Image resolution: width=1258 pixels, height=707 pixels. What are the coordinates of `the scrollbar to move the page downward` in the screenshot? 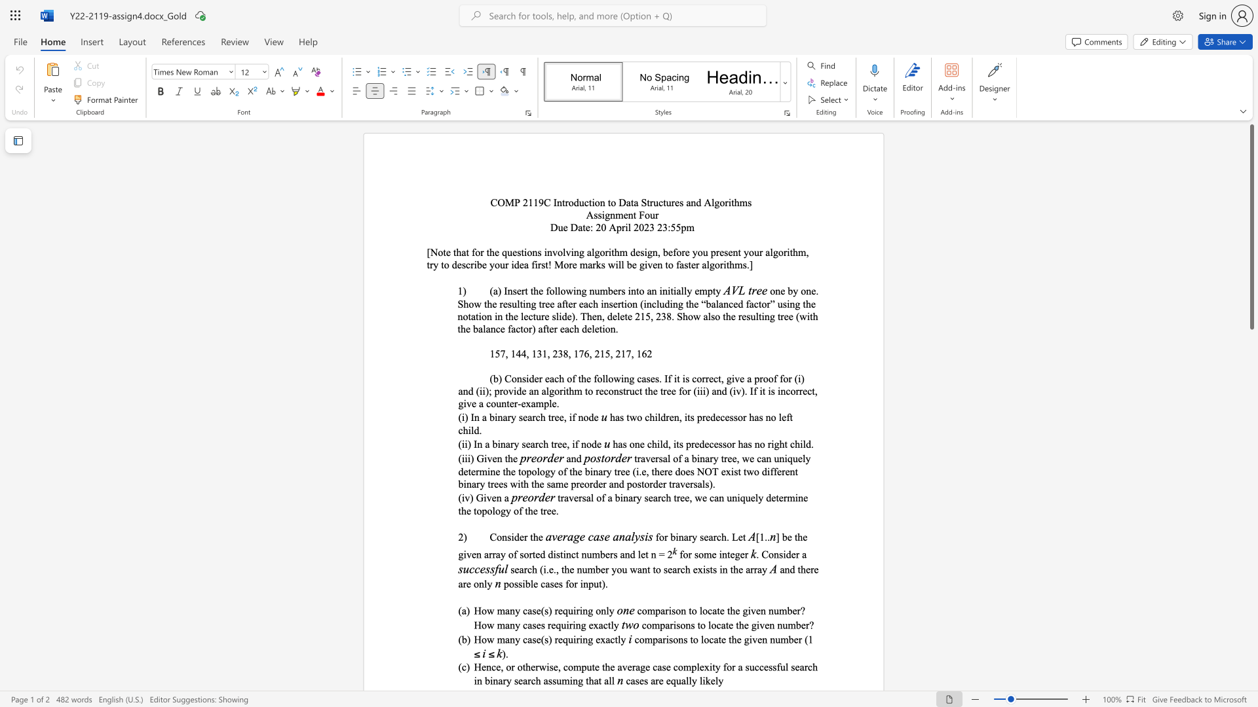 It's located at (1251, 398).